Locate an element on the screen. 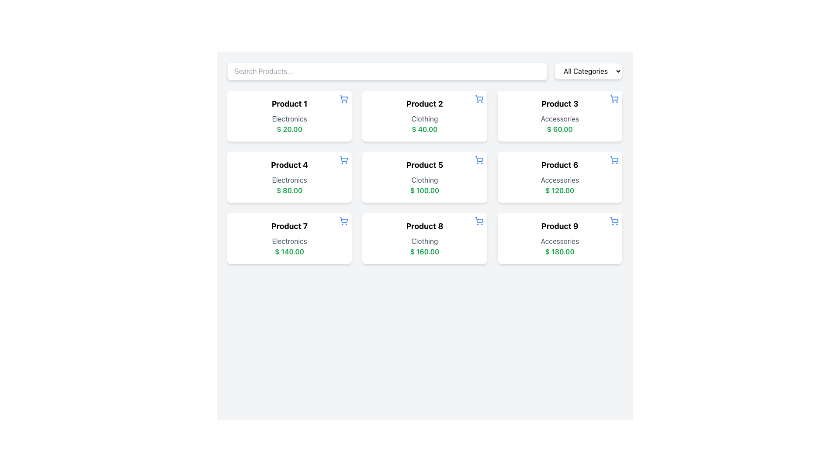 The width and height of the screenshot is (839, 472). the shopping cart icon button located in the top-right corner of the 'Product 8' card is located at coordinates (478, 220).